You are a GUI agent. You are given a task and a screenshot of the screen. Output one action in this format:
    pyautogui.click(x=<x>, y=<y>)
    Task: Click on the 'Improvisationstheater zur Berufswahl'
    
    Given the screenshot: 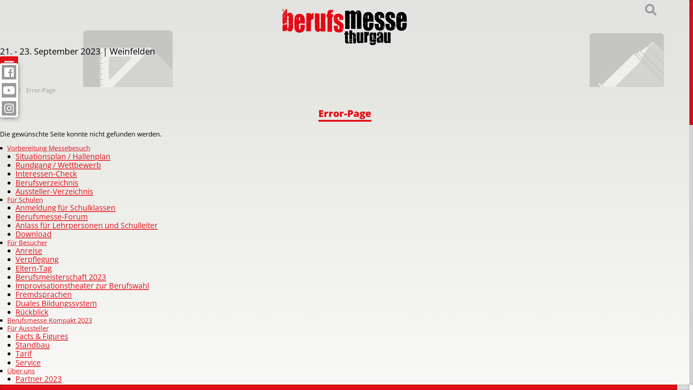 What is the action you would take?
    pyautogui.click(x=82, y=285)
    